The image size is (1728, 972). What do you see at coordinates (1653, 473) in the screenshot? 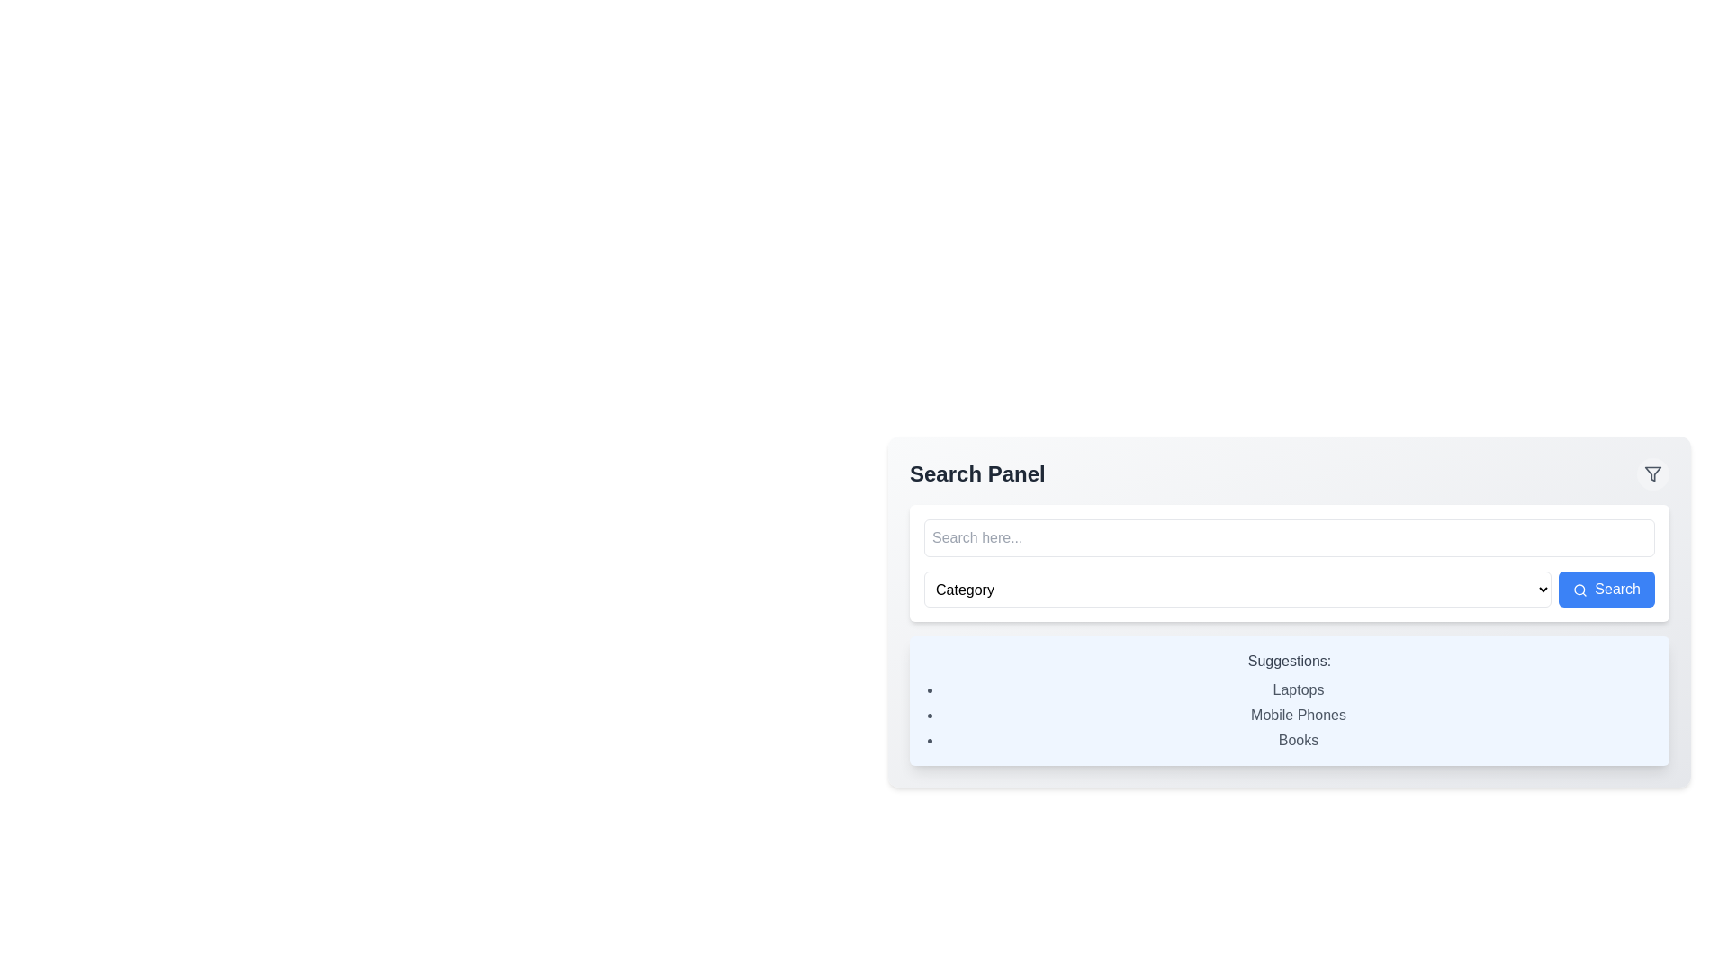
I see `the triangular funnel icon located in the top-right corner of the card-like search panel UI, which is styled with a gray color as an SVG graphic` at bounding box center [1653, 473].